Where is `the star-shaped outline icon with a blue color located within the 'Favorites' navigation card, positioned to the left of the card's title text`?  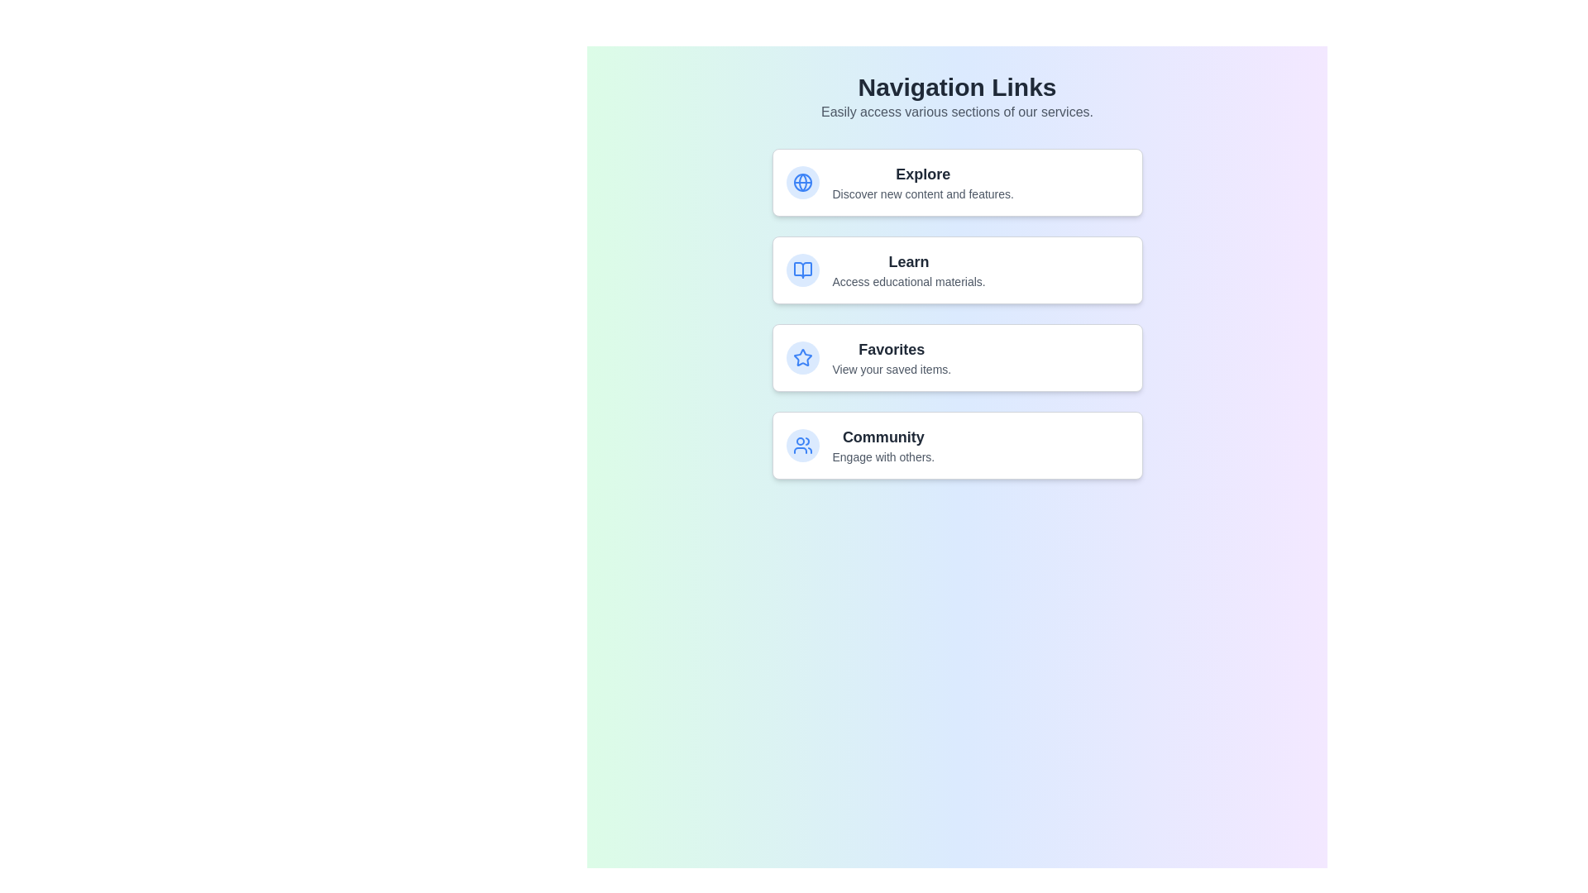
the star-shaped outline icon with a blue color located within the 'Favorites' navigation card, positioned to the left of the card's title text is located at coordinates (802, 356).